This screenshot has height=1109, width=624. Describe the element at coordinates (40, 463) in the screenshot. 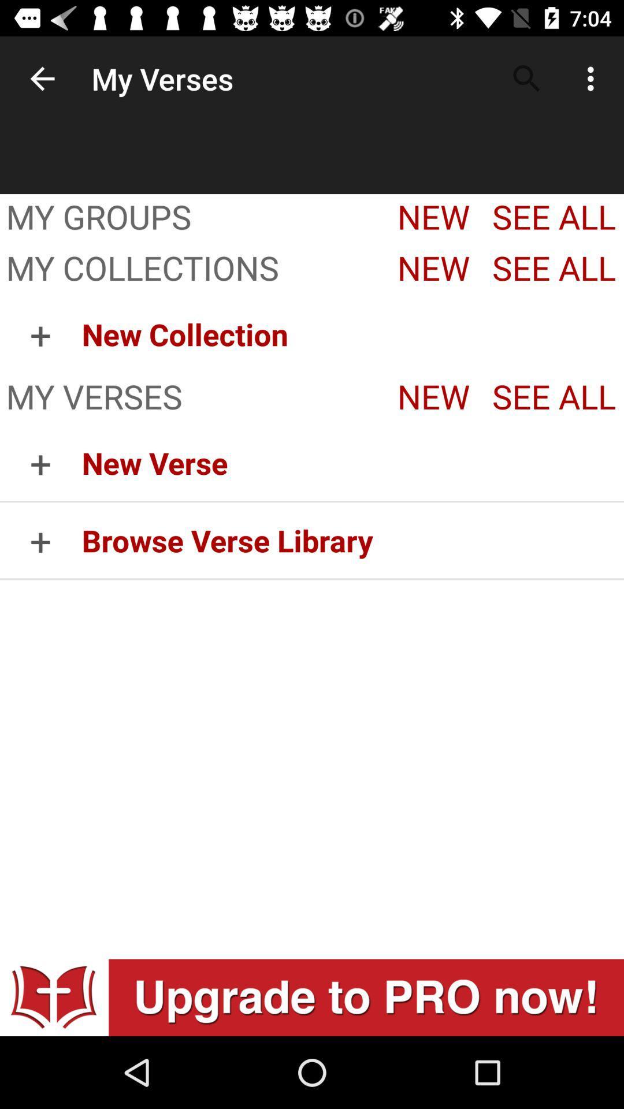

I see `icon below the my verses app` at that location.